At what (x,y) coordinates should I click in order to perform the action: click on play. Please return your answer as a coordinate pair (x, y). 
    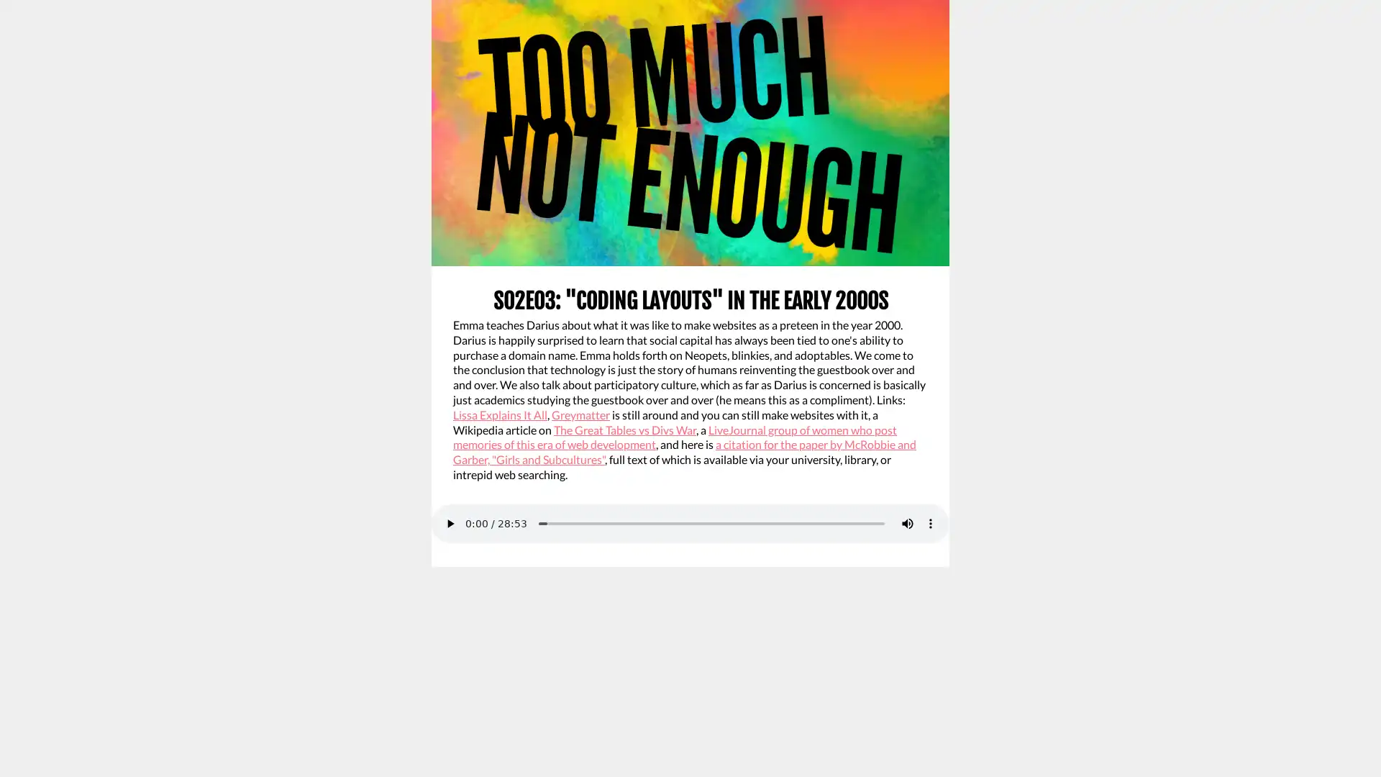
    Looking at the image, I should click on (449, 522).